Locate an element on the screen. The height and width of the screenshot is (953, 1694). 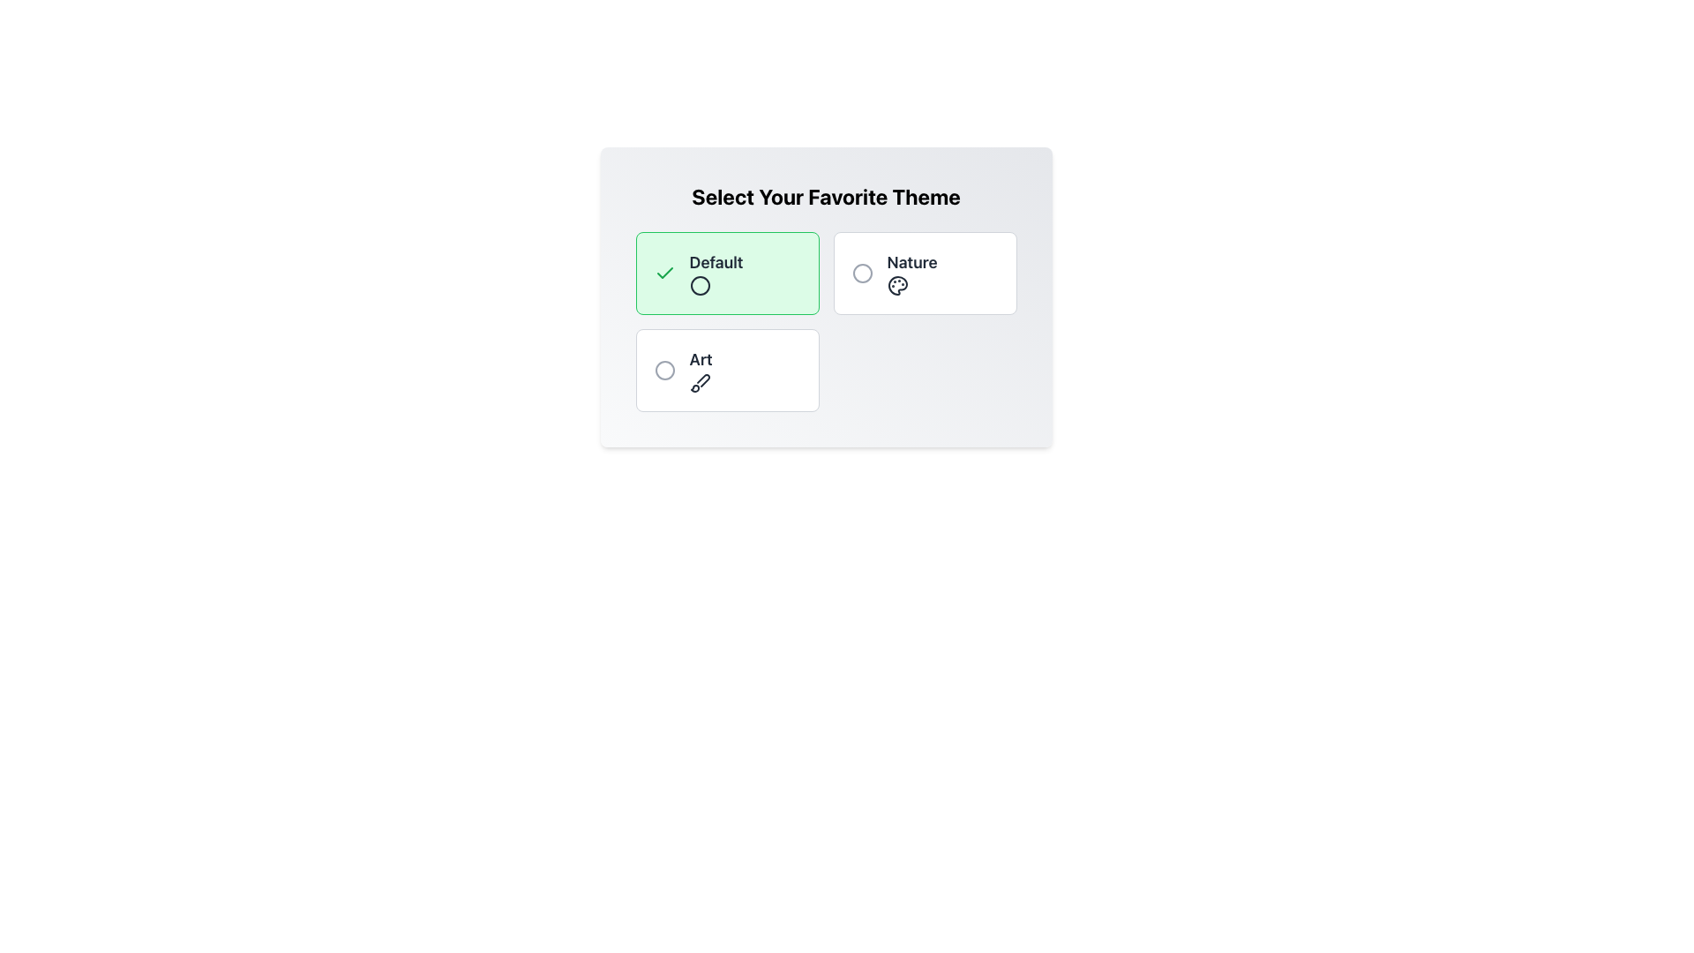
the text label 'Art', which is styled with medium-weight bold gray text and is located in the bottom-left corner of the selection area, above a brush icon is located at coordinates (700, 370).